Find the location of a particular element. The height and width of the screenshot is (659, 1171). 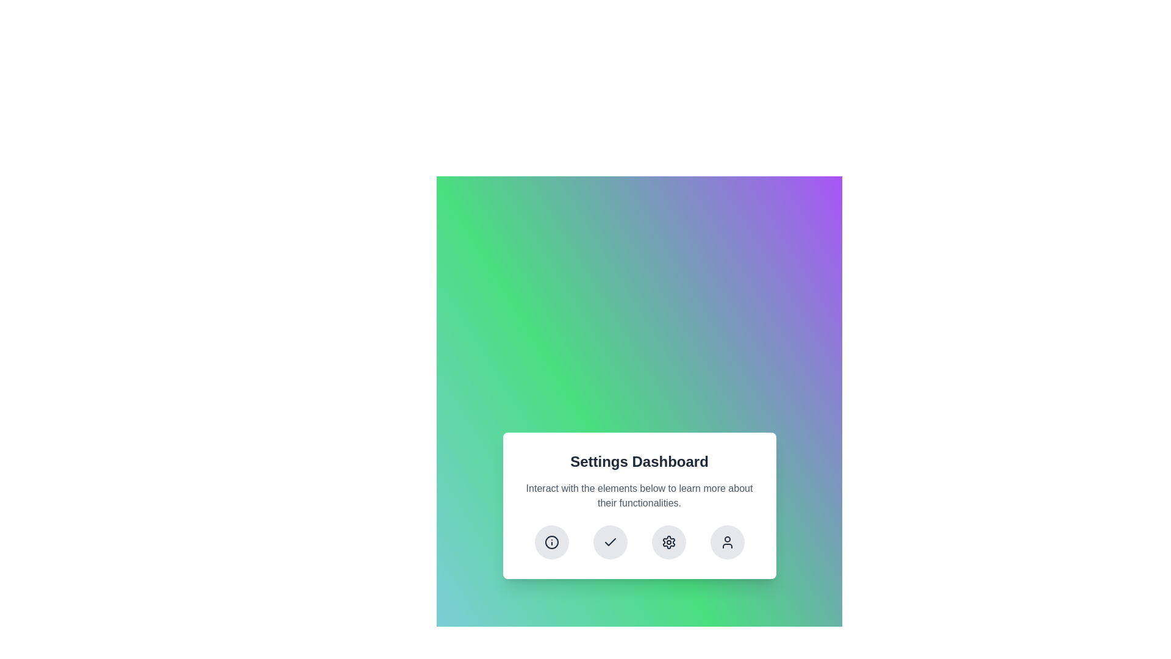

the user-related functionality button, which is the fourth and rightmost button in a horizontally aligned group within a card component is located at coordinates (727, 541).